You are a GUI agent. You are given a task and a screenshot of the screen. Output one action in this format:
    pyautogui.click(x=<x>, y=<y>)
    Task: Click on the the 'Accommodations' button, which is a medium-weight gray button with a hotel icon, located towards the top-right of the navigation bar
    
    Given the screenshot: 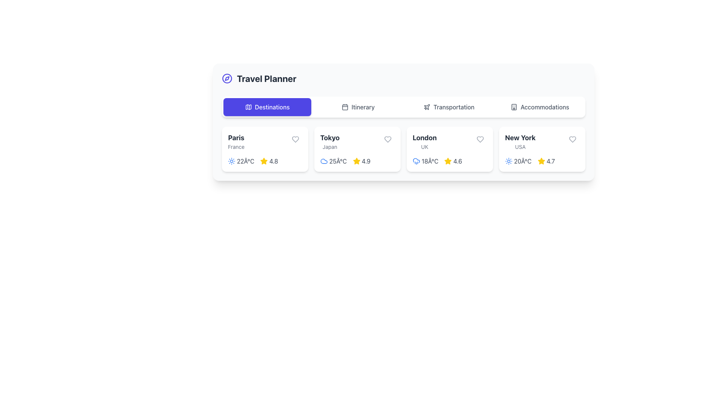 What is the action you would take?
    pyautogui.click(x=540, y=107)
    